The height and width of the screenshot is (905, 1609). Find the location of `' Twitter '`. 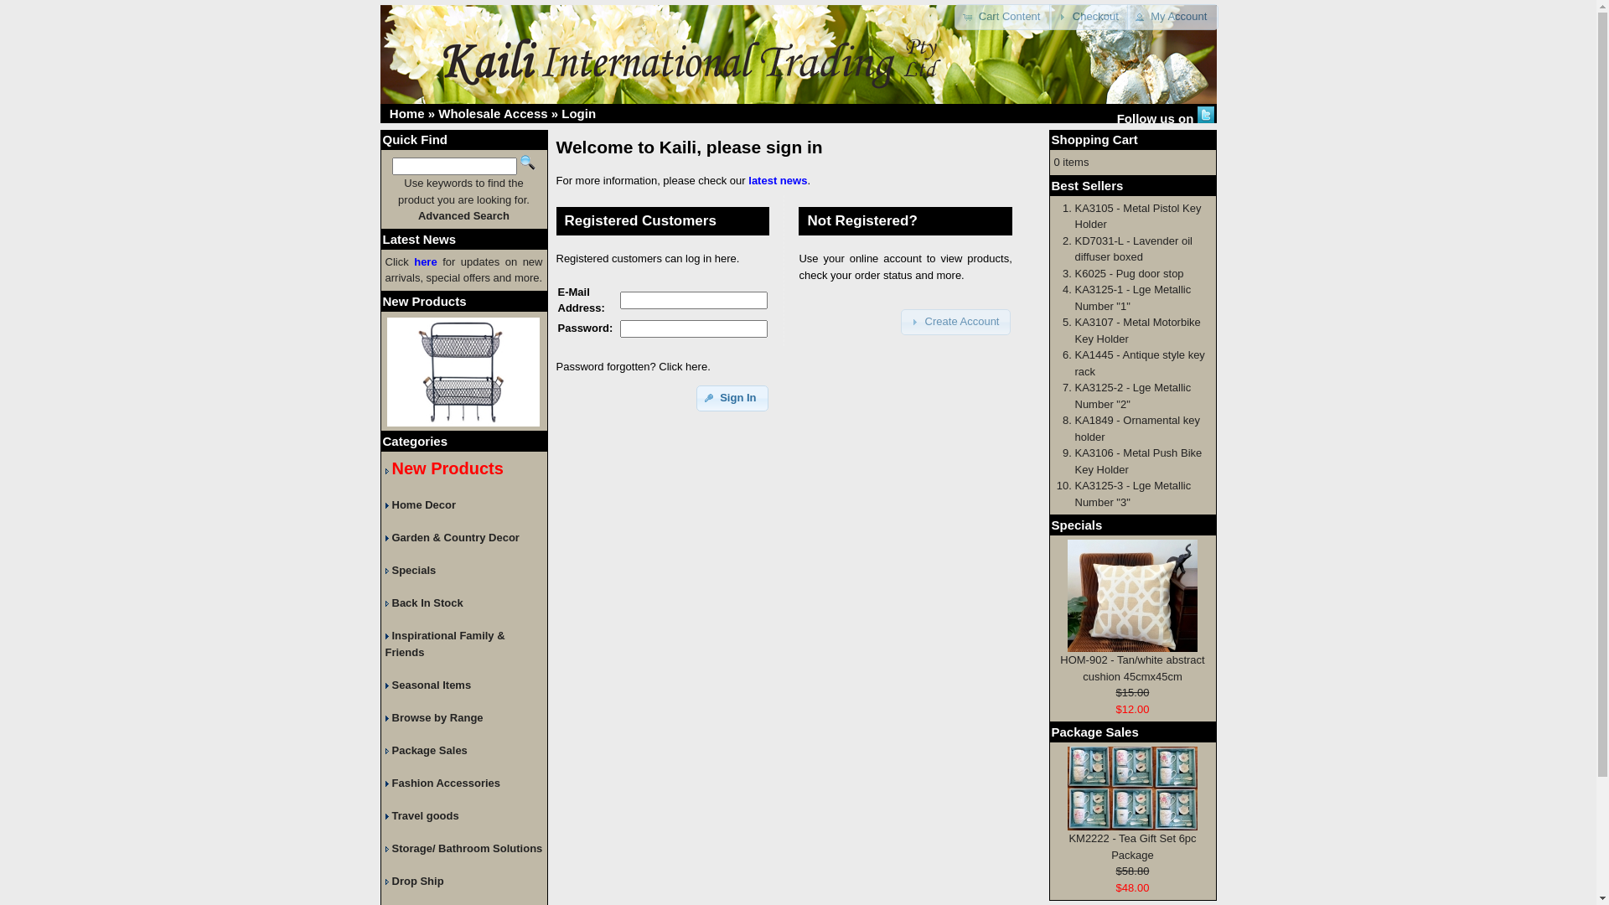

' Twitter ' is located at coordinates (1204, 114).